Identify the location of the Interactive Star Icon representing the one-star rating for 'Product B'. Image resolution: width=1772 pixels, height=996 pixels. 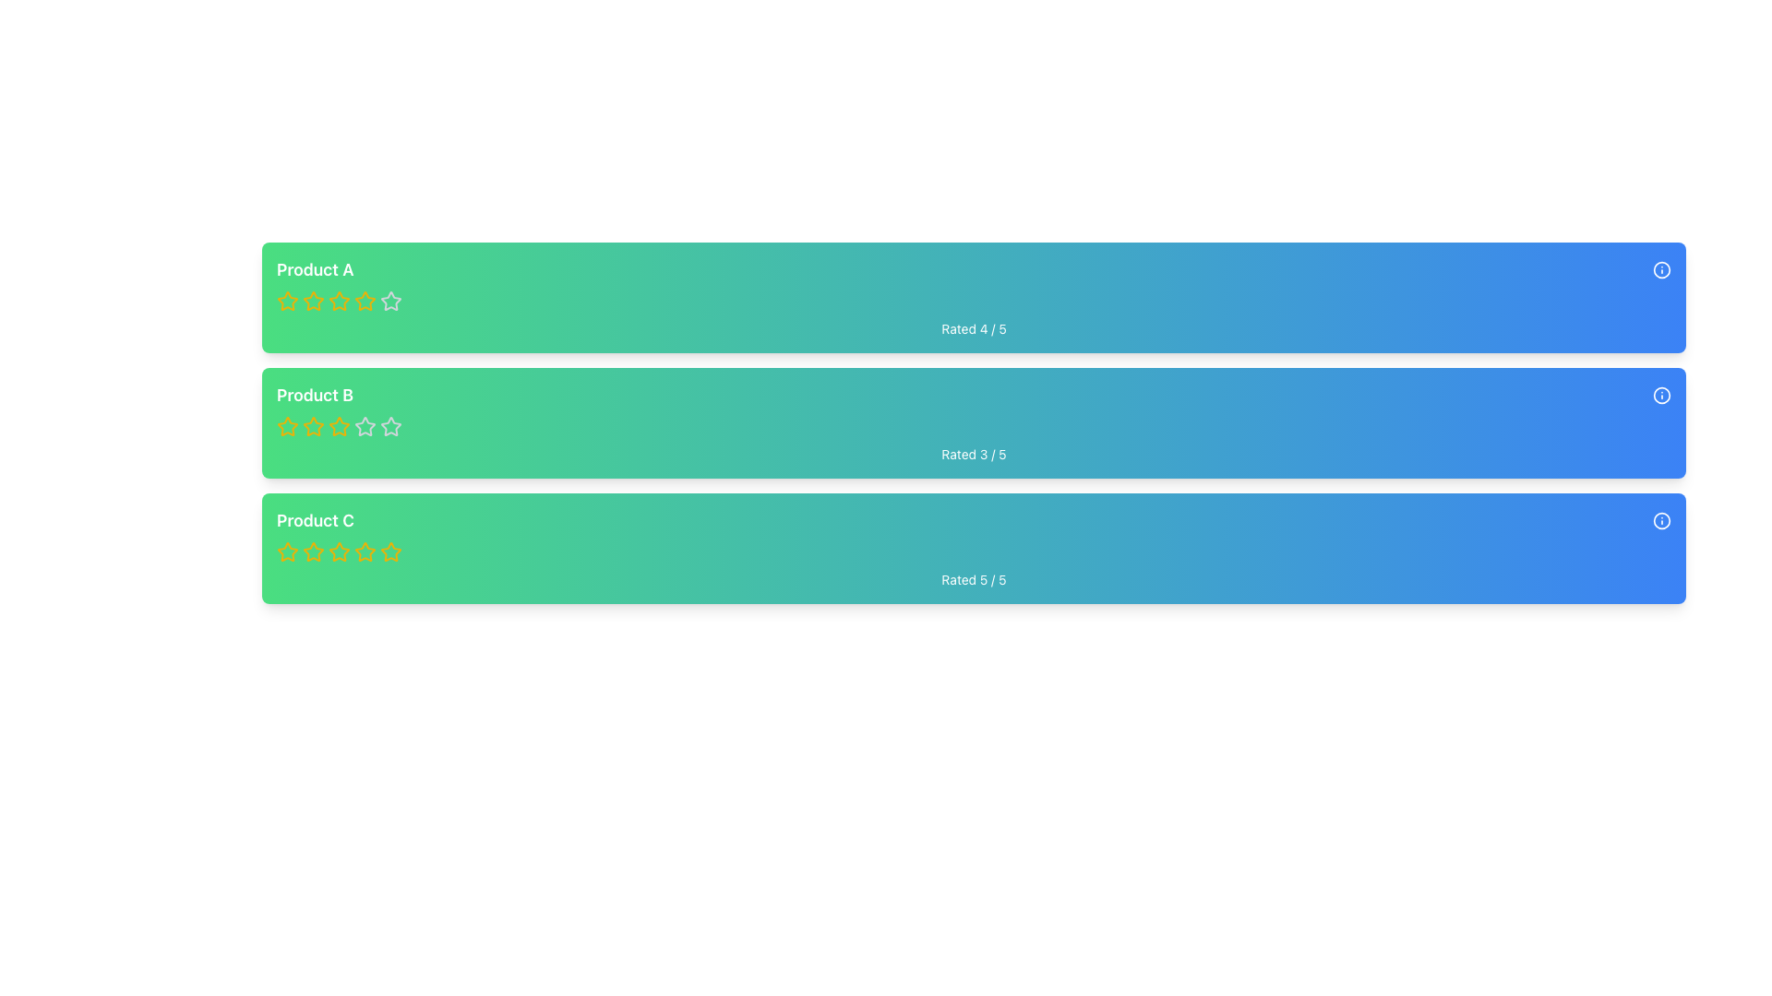
(314, 426).